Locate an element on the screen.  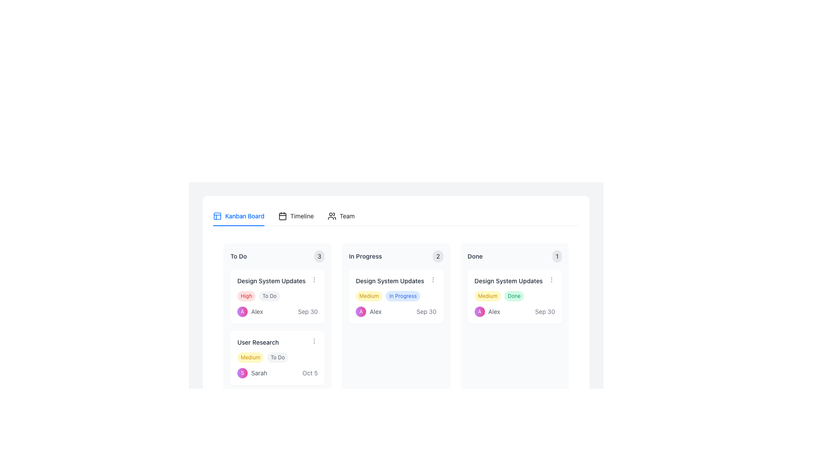
the text label that identifies a task in the 'To Do' column of the Kanban board is located at coordinates (271, 281).